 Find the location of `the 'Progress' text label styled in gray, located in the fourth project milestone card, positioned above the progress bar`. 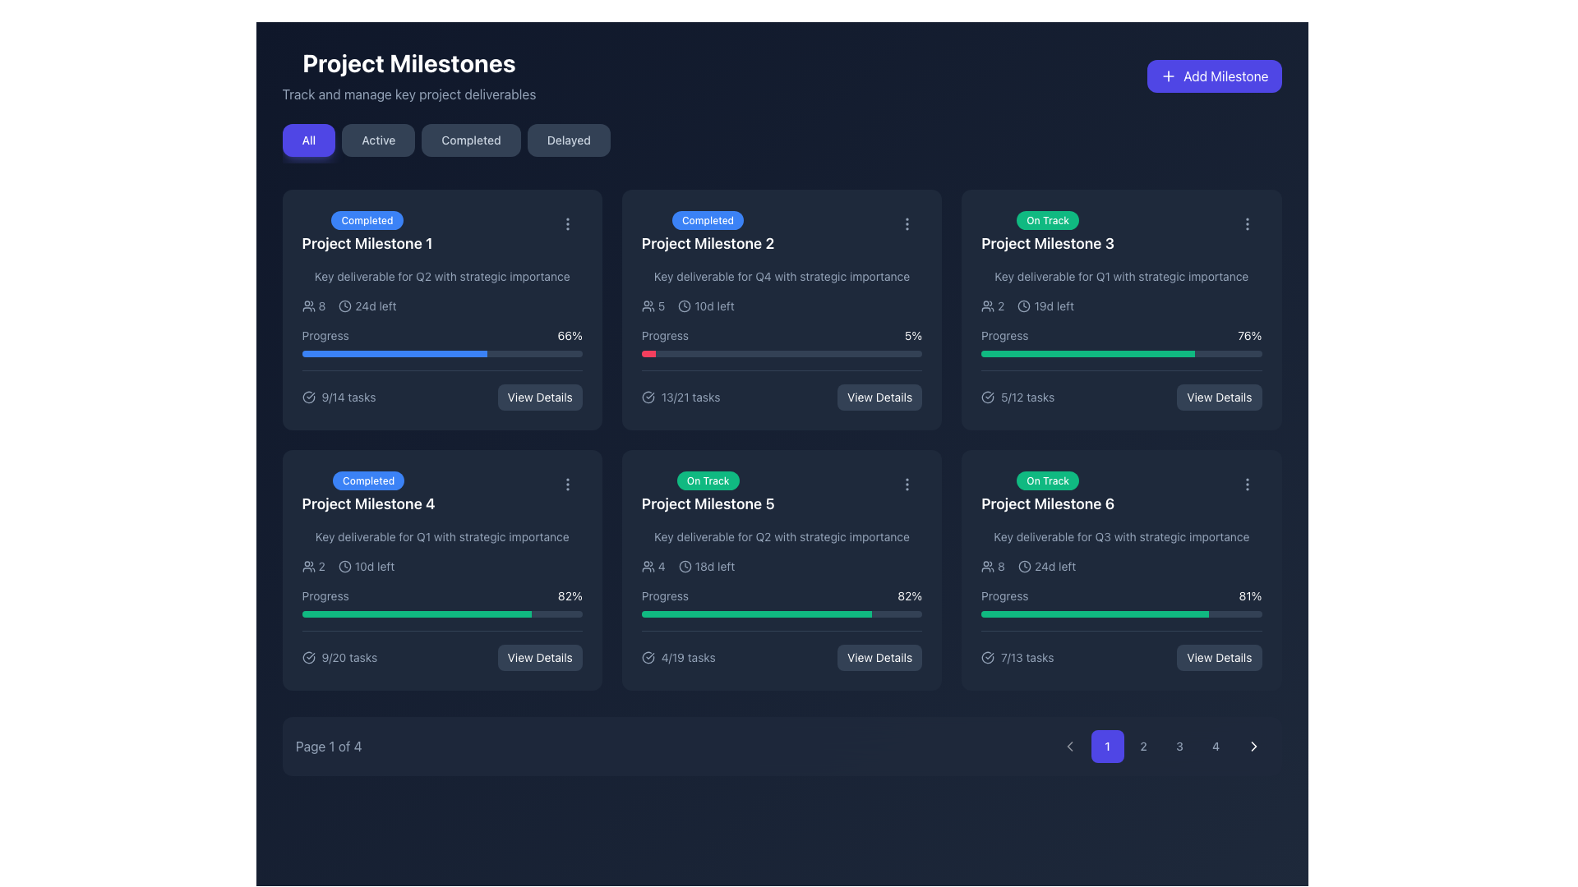

the 'Progress' text label styled in gray, located in the fourth project milestone card, positioned above the progress bar is located at coordinates (325, 595).